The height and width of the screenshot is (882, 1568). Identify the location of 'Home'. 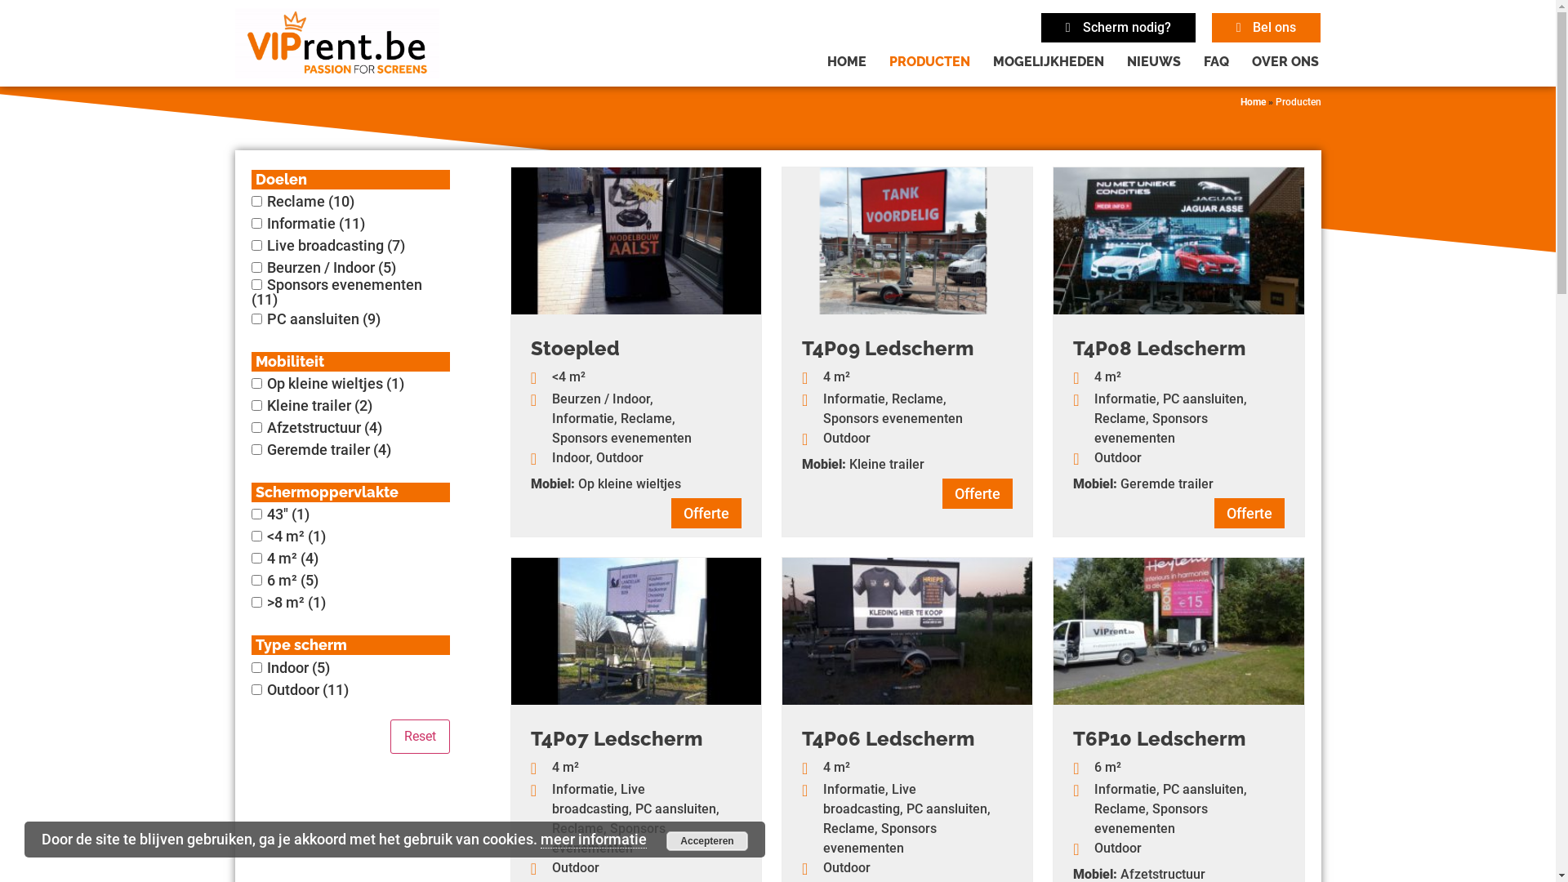
(1251, 101).